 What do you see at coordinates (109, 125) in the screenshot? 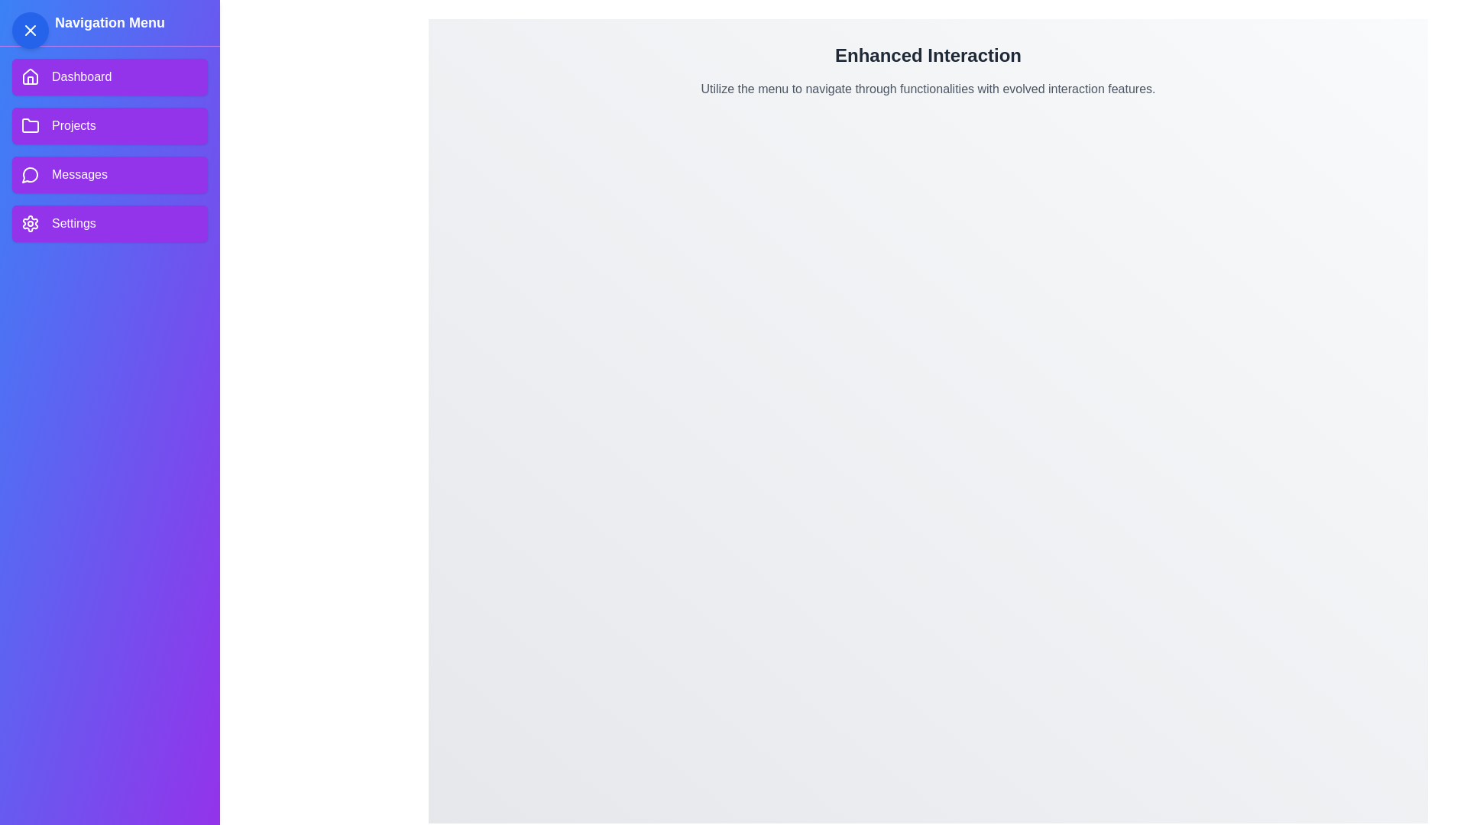
I see `the menu item Projects to reveal its hover effect` at bounding box center [109, 125].